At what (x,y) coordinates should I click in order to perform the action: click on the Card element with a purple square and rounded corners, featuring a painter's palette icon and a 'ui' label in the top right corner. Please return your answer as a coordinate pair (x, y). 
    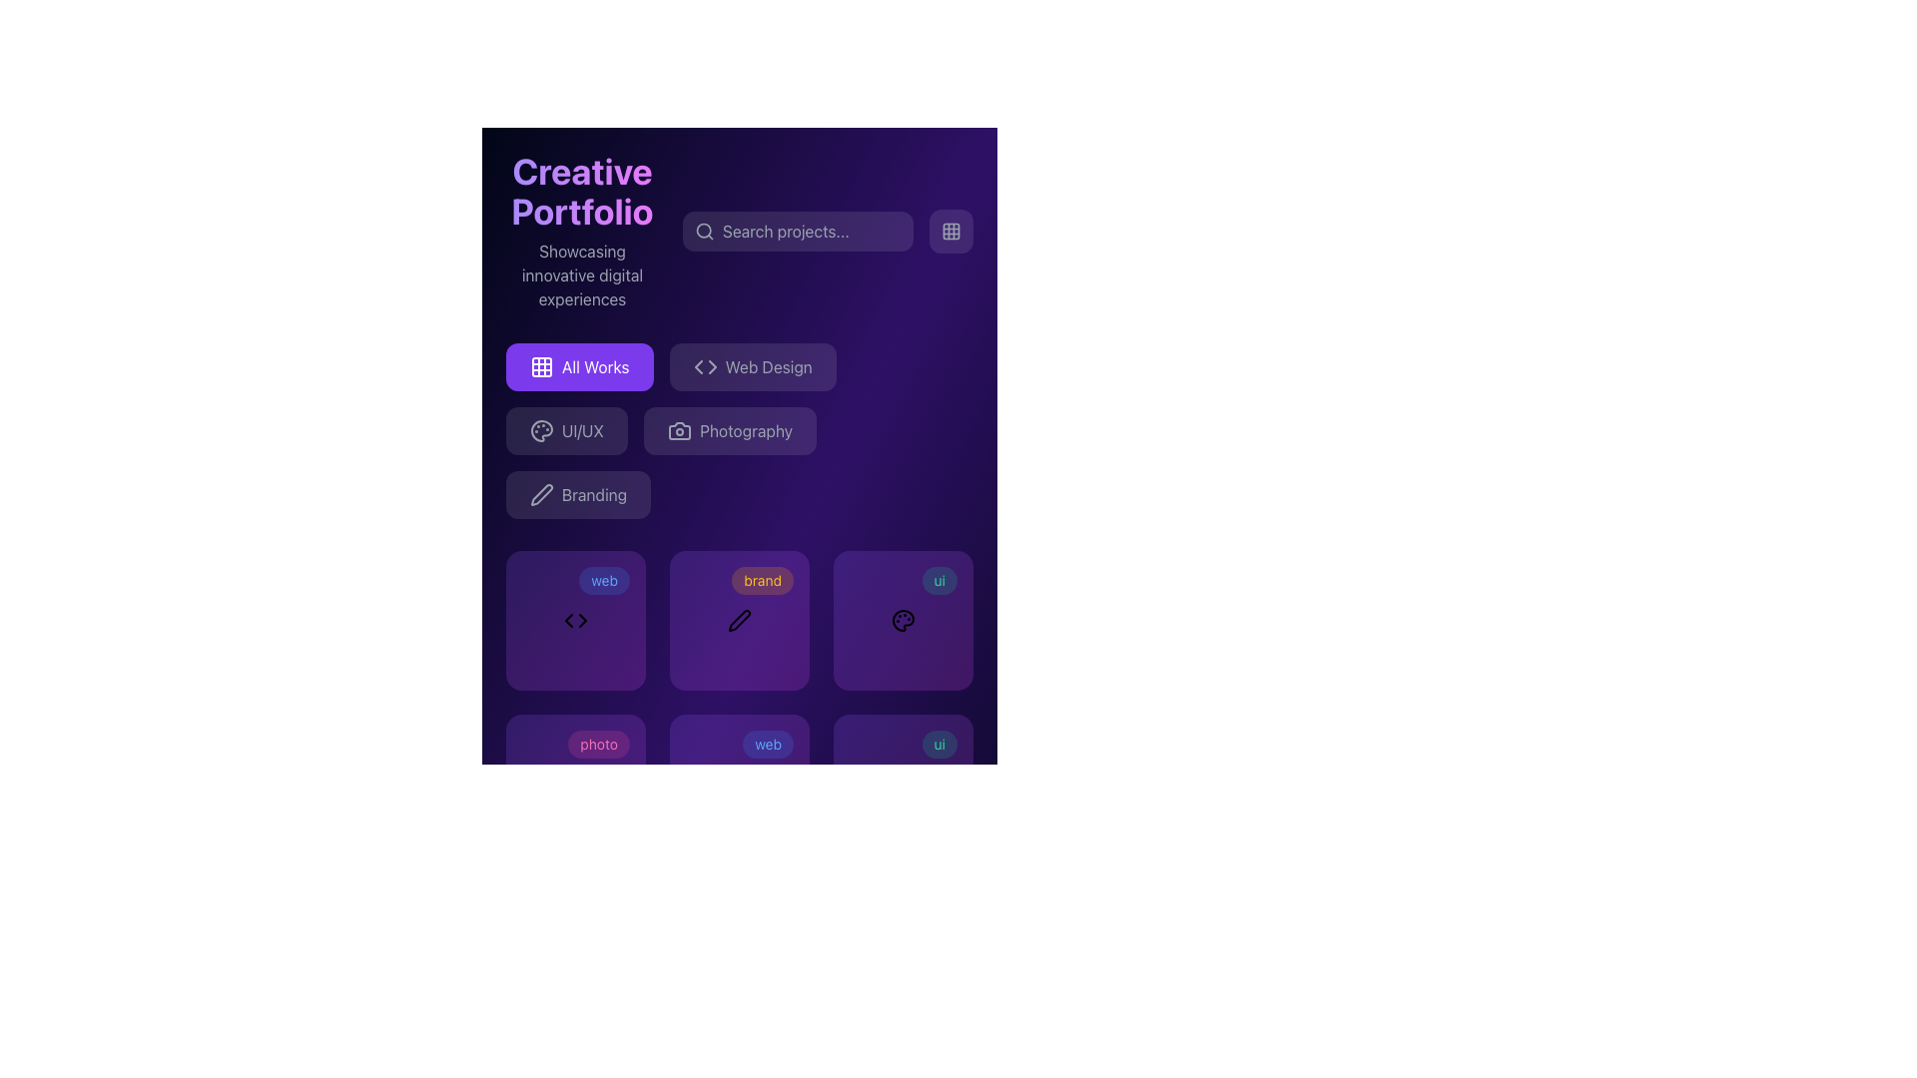
    Looking at the image, I should click on (903, 619).